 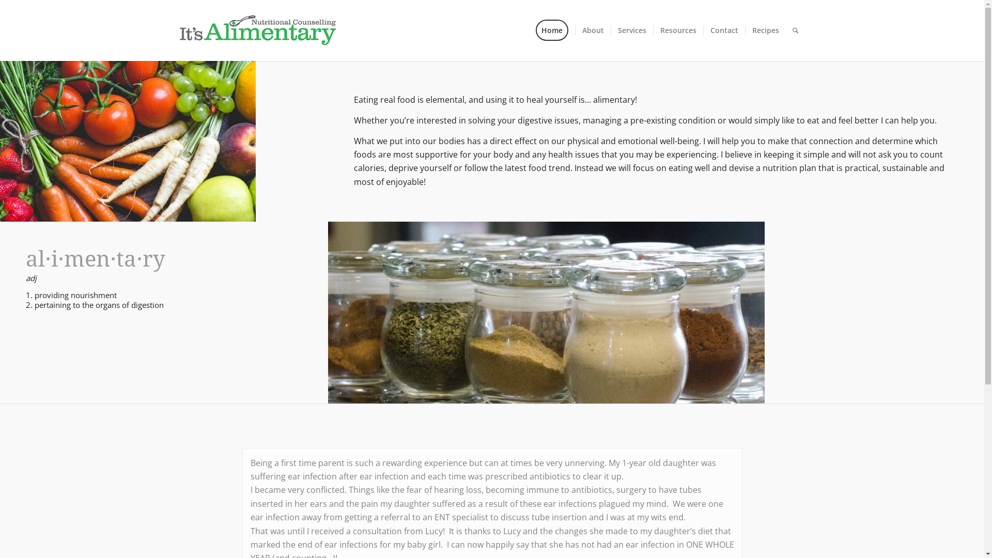 I want to click on 'Home', so click(x=554, y=29).